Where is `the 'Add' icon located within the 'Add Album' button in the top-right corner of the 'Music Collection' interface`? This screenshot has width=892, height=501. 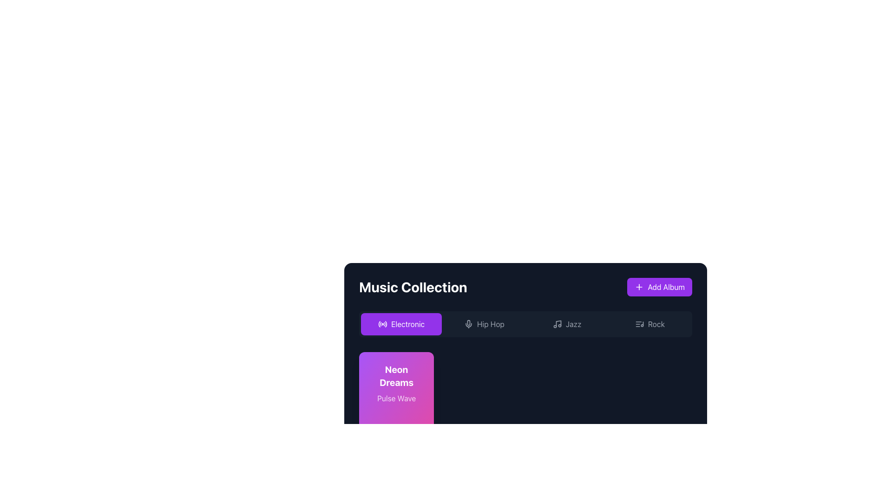
the 'Add' icon located within the 'Add Album' button in the top-right corner of the 'Music Collection' interface is located at coordinates (639, 286).